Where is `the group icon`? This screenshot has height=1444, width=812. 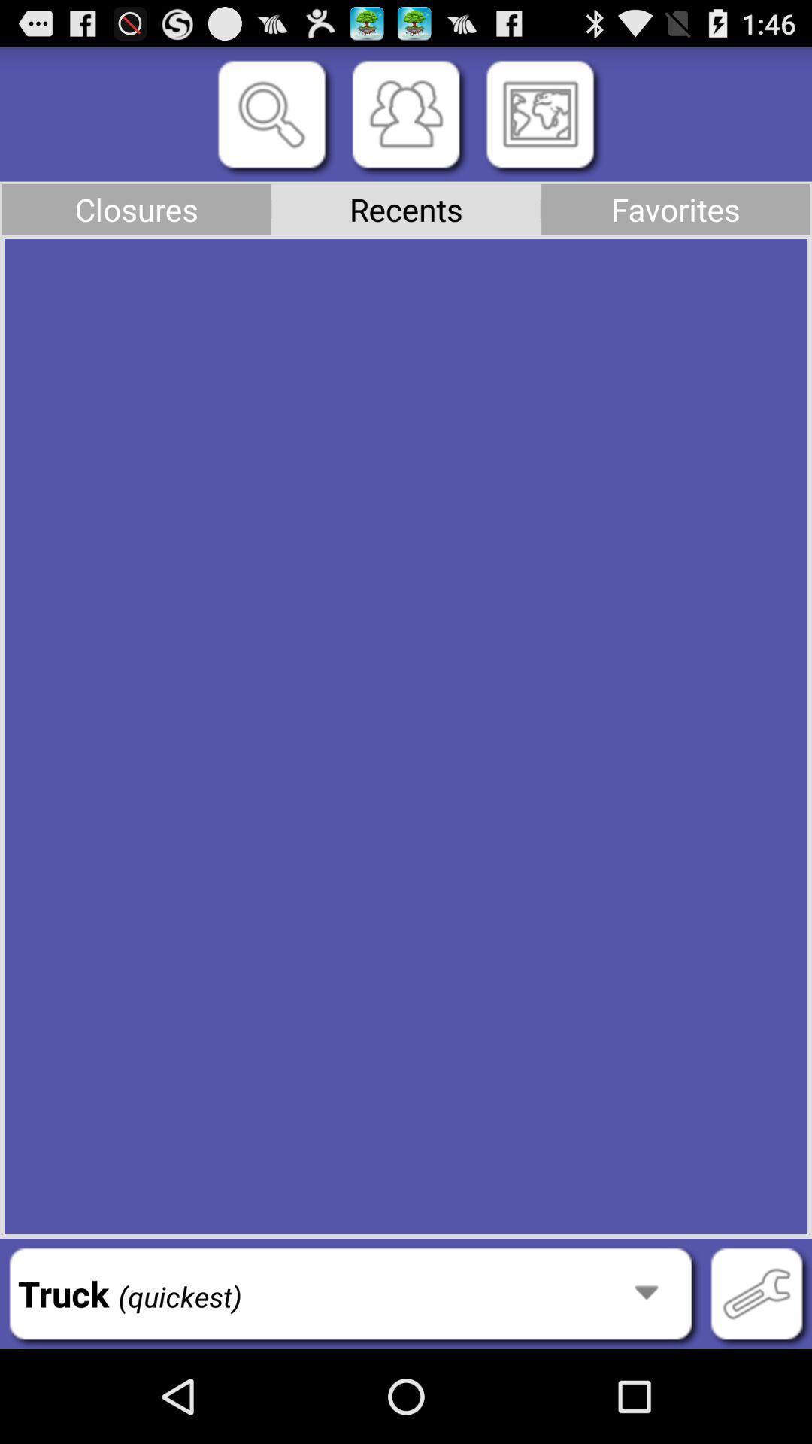
the group icon is located at coordinates (406, 123).